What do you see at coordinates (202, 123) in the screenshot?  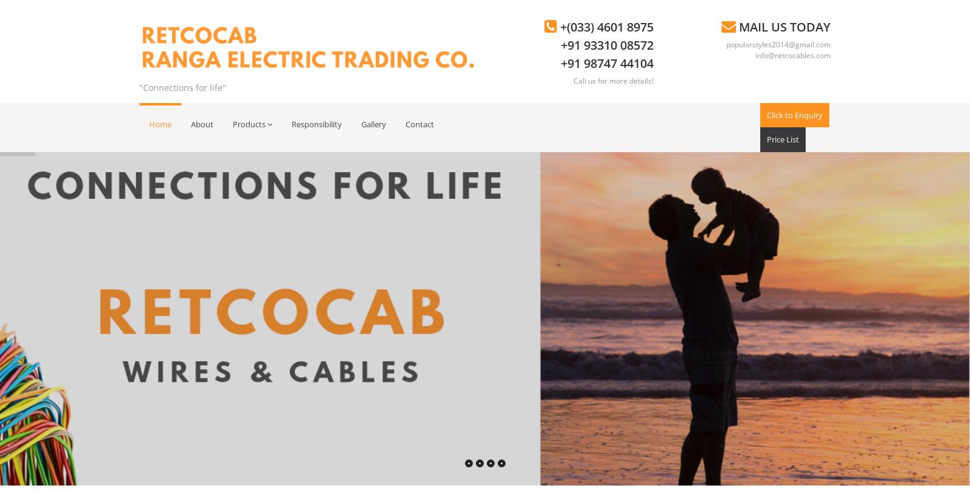 I see `'About'` at bounding box center [202, 123].